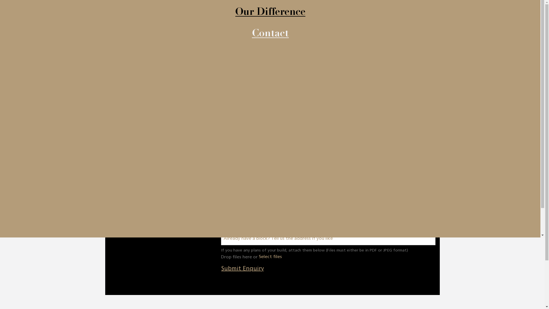 This screenshot has width=549, height=309. What do you see at coordinates (270, 34) in the screenshot?
I see `'Contact'` at bounding box center [270, 34].